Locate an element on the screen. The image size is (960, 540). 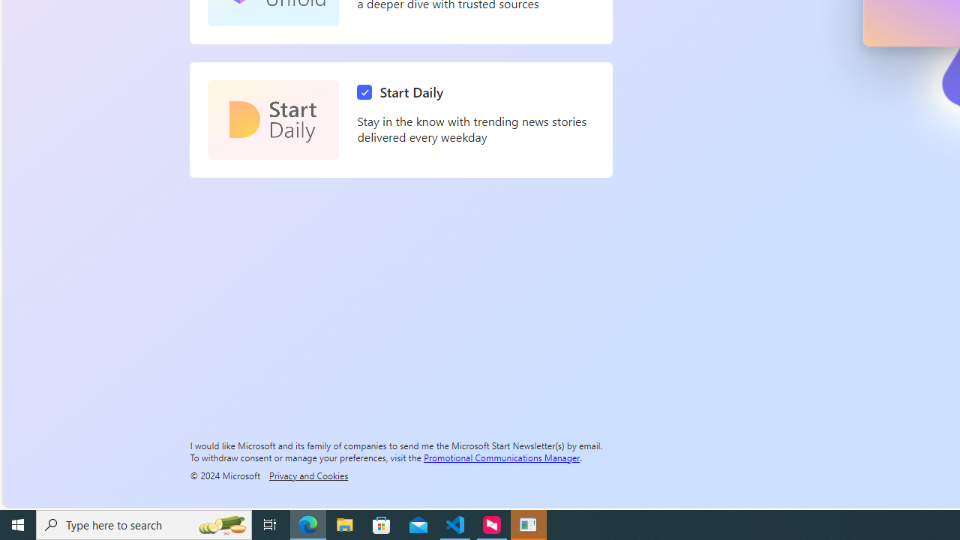
'Start Daily' is located at coordinates (403, 92).